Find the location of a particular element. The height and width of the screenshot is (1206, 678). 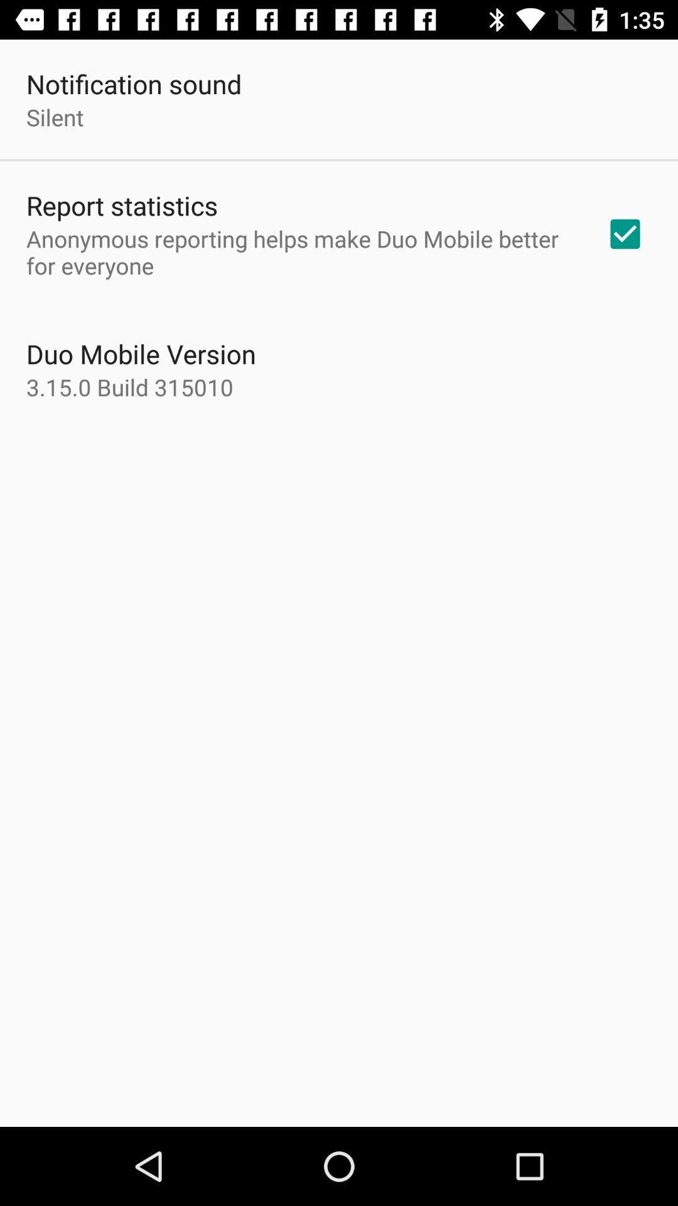

item below the notification sound icon is located at coordinates (54, 117).